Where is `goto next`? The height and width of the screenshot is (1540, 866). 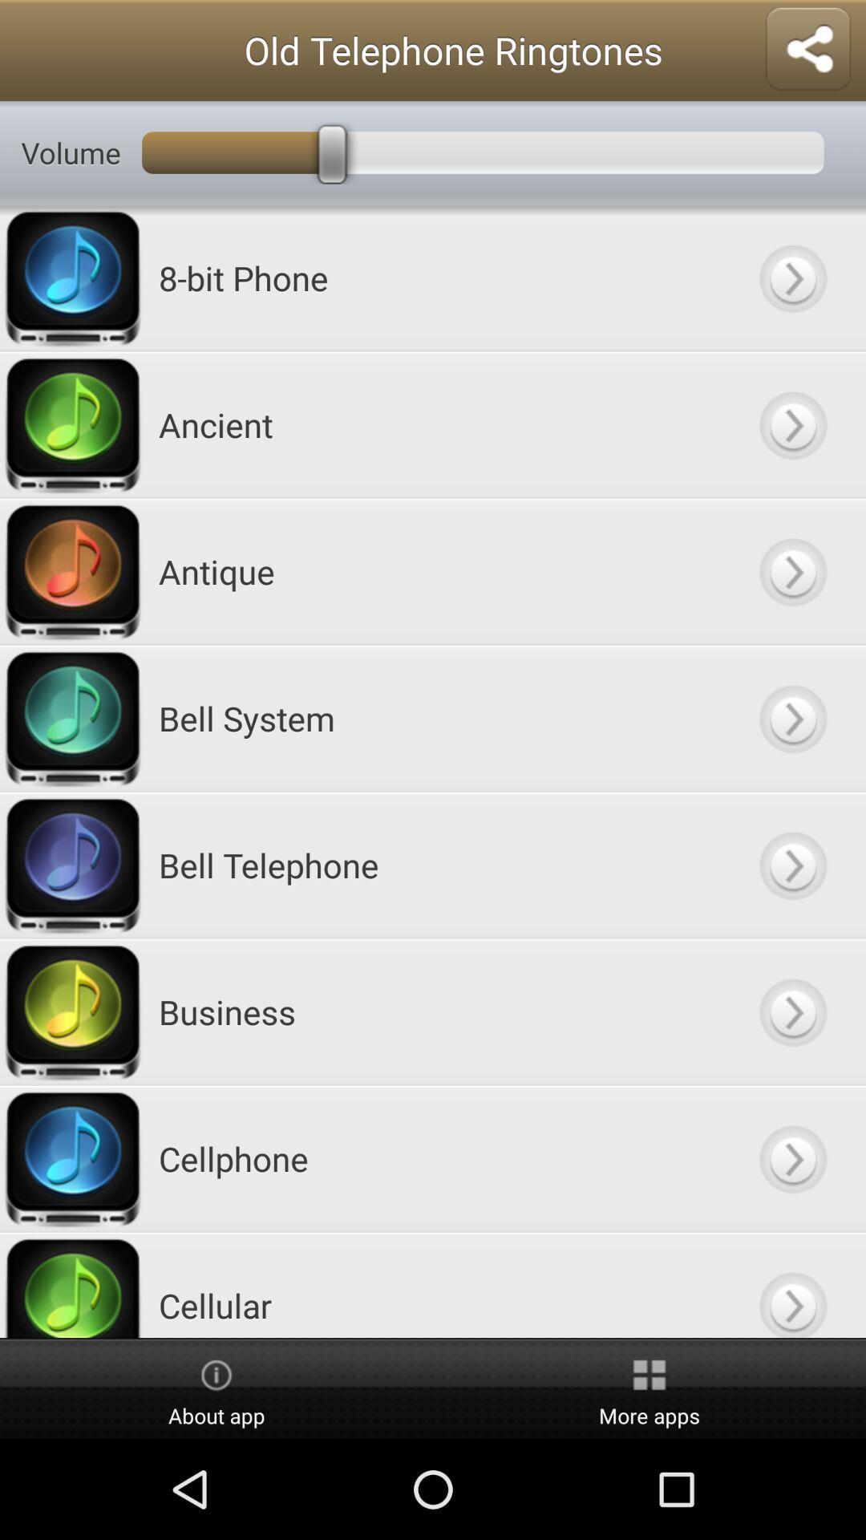 goto next is located at coordinates (791, 1285).